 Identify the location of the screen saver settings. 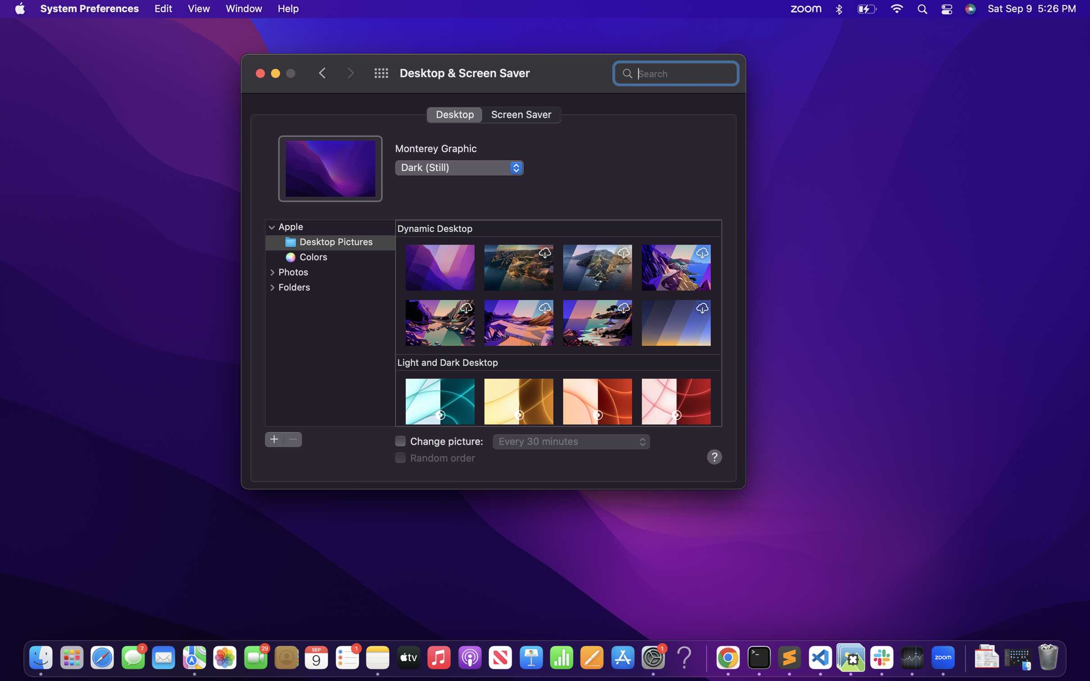
(521, 114).